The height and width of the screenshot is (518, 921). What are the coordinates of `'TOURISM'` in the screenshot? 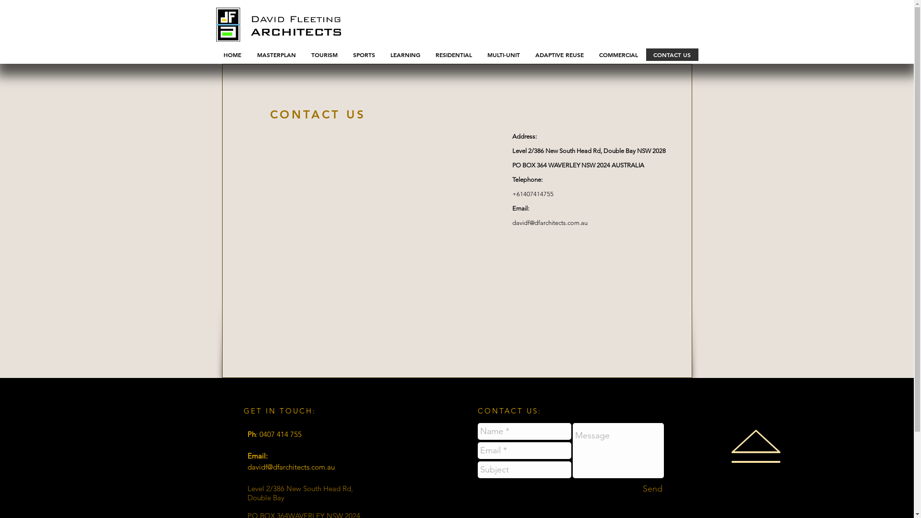 It's located at (324, 55).